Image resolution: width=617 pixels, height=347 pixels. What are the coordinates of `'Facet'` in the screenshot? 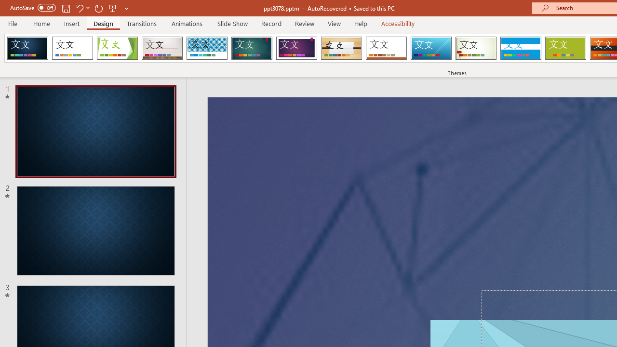 It's located at (117, 48).